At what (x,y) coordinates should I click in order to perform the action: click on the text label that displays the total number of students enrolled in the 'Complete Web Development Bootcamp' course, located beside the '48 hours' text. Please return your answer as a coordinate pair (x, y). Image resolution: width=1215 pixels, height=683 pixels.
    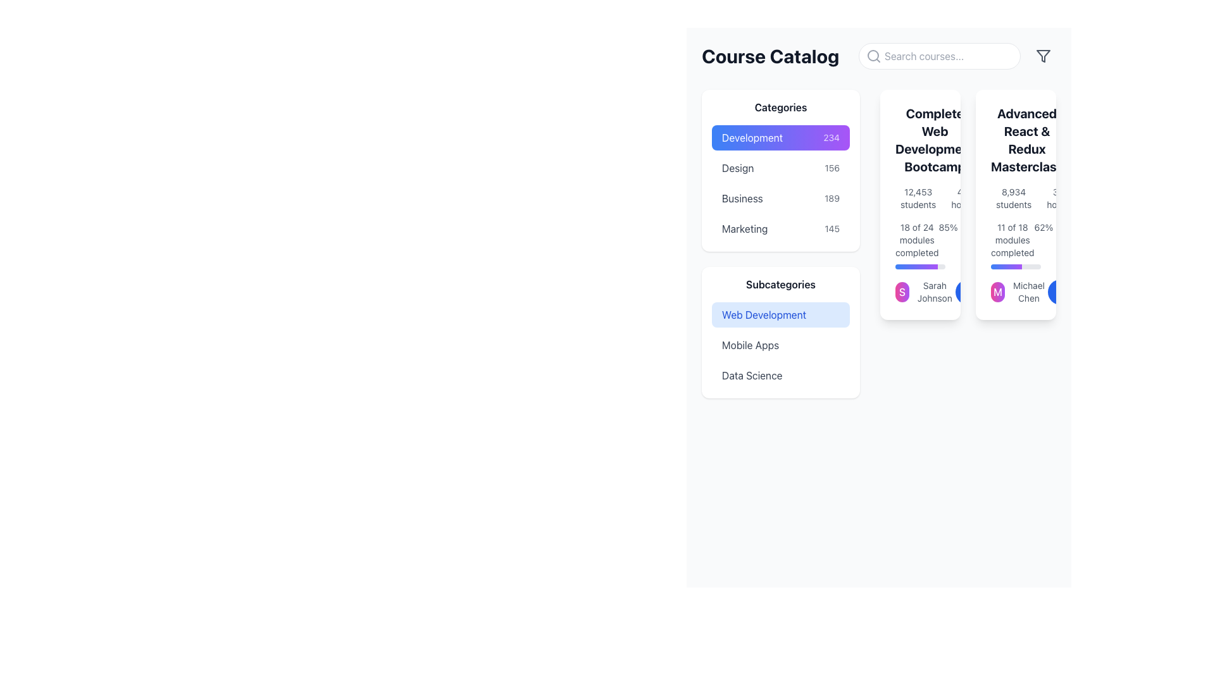
    Looking at the image, I should click on (918, 198).